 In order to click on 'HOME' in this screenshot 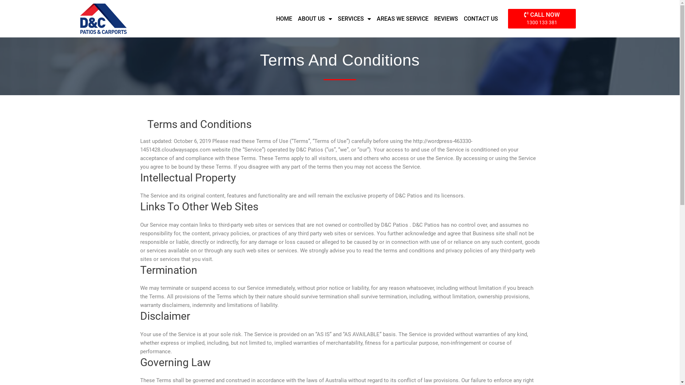, I will do `click(284, 18)`.